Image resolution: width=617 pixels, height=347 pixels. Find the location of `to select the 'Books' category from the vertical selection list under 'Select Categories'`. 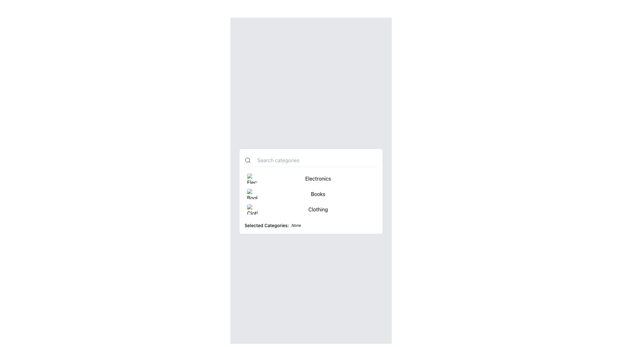

to select the 'Books' category from the vertical selection list under 'Select Categories' is located at coordinates (311, 193).